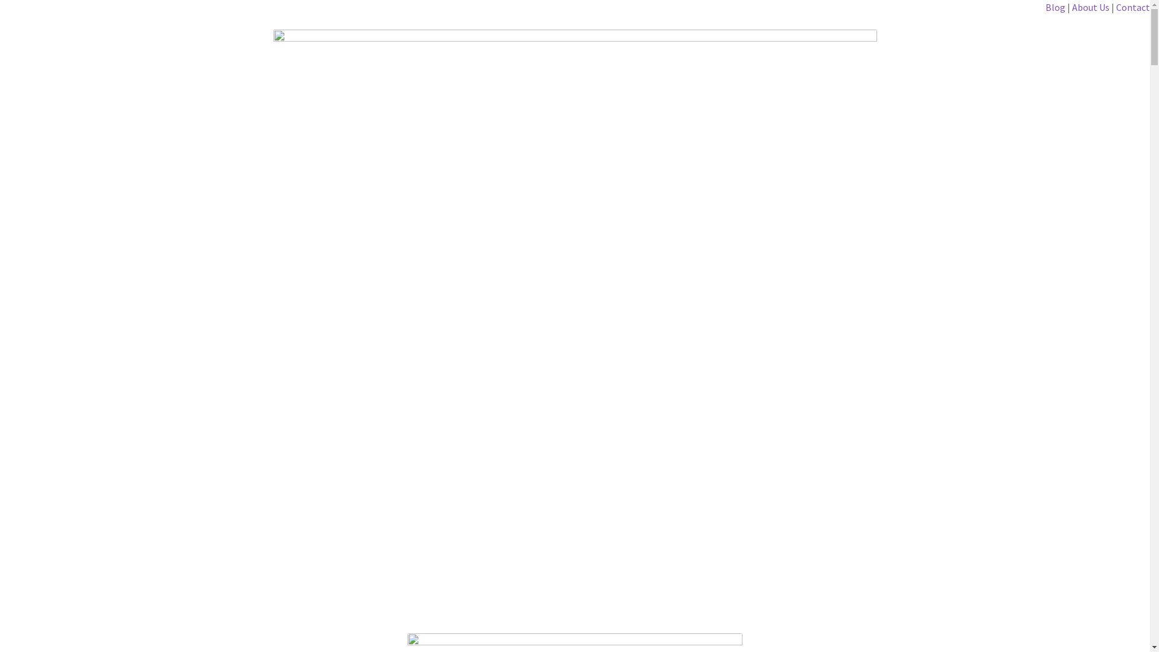 This screenshot has width=1159, height=652. What do you see at coordinates (1056, 7) in the screenshot?
I see `'Blog'` at bounding box center [1056, 7].